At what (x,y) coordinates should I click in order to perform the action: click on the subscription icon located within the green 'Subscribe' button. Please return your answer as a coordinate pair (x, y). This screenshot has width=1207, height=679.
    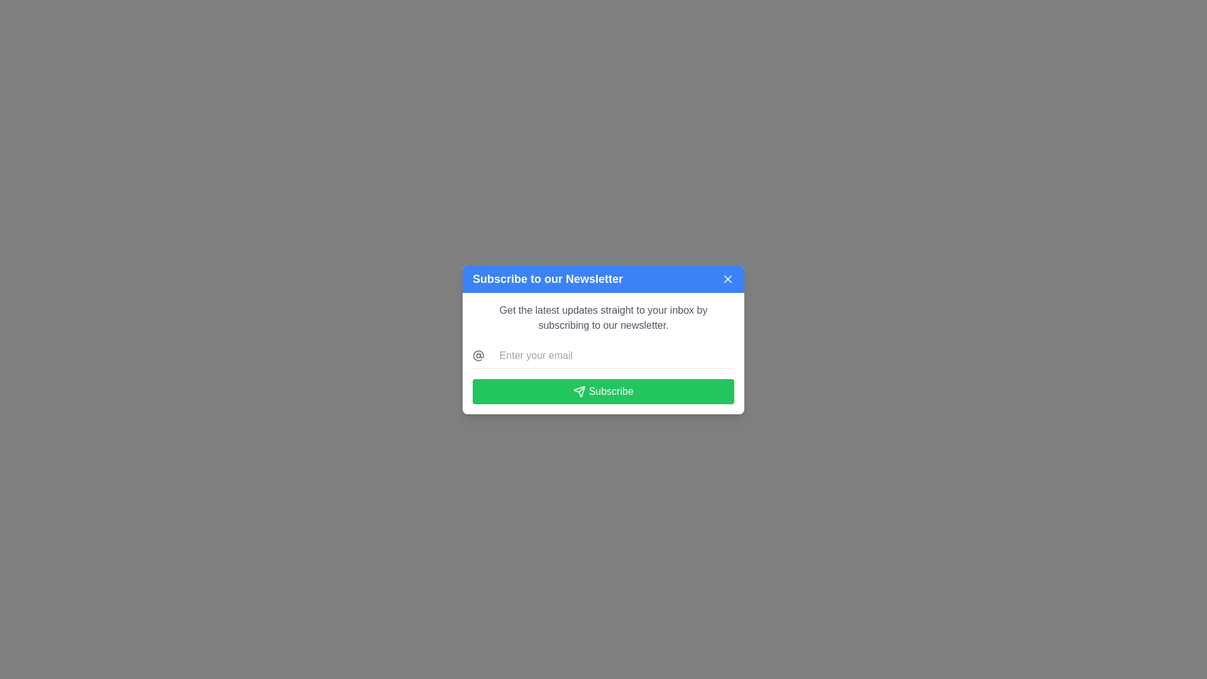
    Looking at the image, I should click on (579, 391).